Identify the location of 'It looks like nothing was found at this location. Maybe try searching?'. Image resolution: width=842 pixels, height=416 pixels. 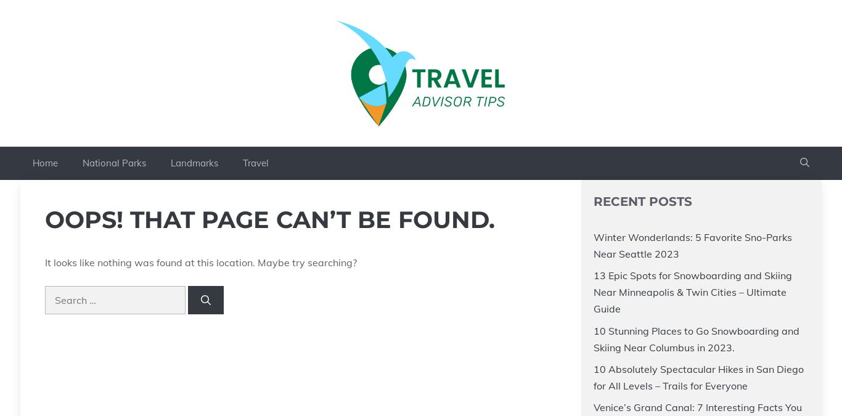
(201, 261).